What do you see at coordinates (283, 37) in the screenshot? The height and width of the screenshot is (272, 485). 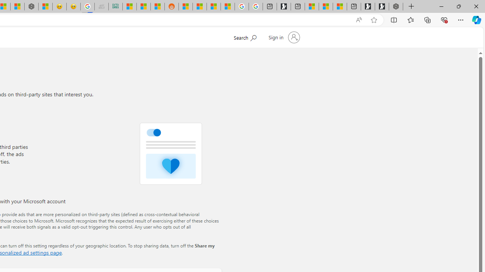 I see `'Sign in to your account'` at bounding box center [283, 37].